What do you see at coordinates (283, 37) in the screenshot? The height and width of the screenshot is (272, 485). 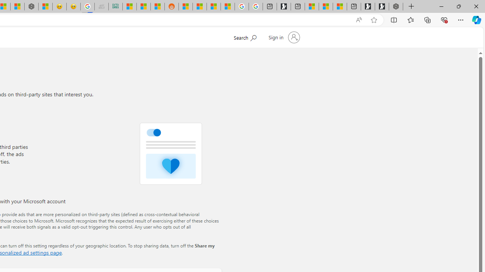 I see `'Sign in to your account'` at bounding box center [283, 37].